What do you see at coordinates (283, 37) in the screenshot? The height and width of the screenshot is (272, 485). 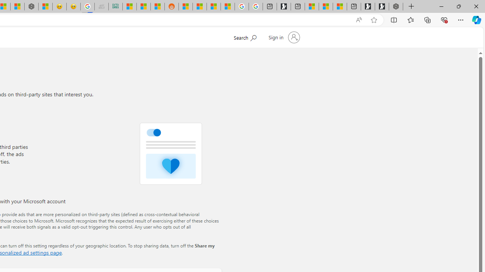 I see `'Sign in to your account'` at bounding box center [283, 37].